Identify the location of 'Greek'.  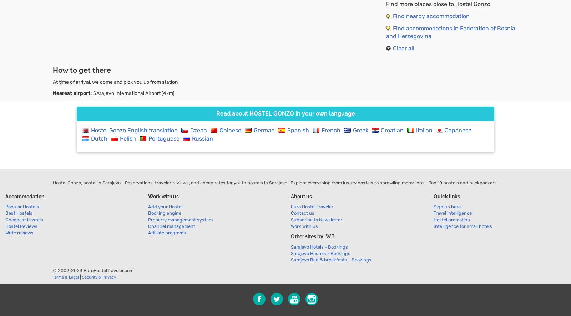
(360, 130).